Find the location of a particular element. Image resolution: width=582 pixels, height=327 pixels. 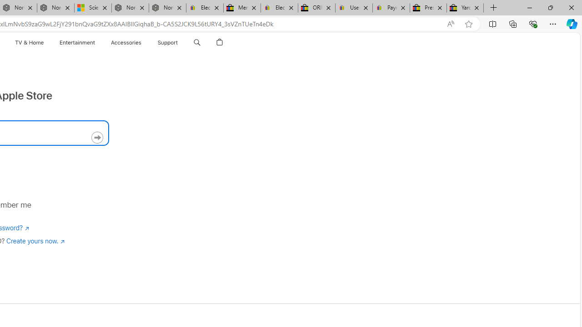

'Continue' is located at coordinates (97, 138).